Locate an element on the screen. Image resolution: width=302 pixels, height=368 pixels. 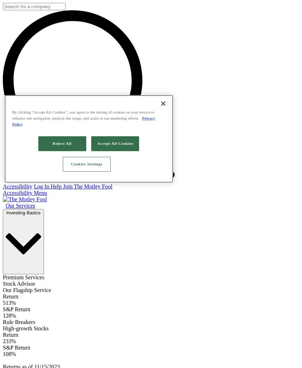
'Accessibility Menu' is located at coordinates (25, 193).